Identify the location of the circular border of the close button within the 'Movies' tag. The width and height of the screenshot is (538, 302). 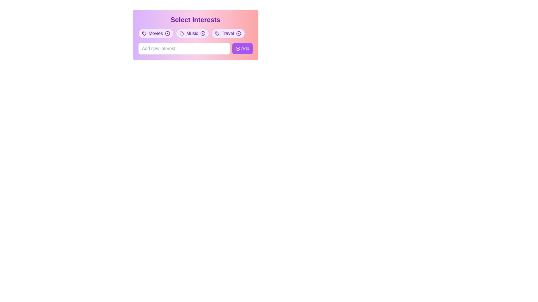
(167, 33).